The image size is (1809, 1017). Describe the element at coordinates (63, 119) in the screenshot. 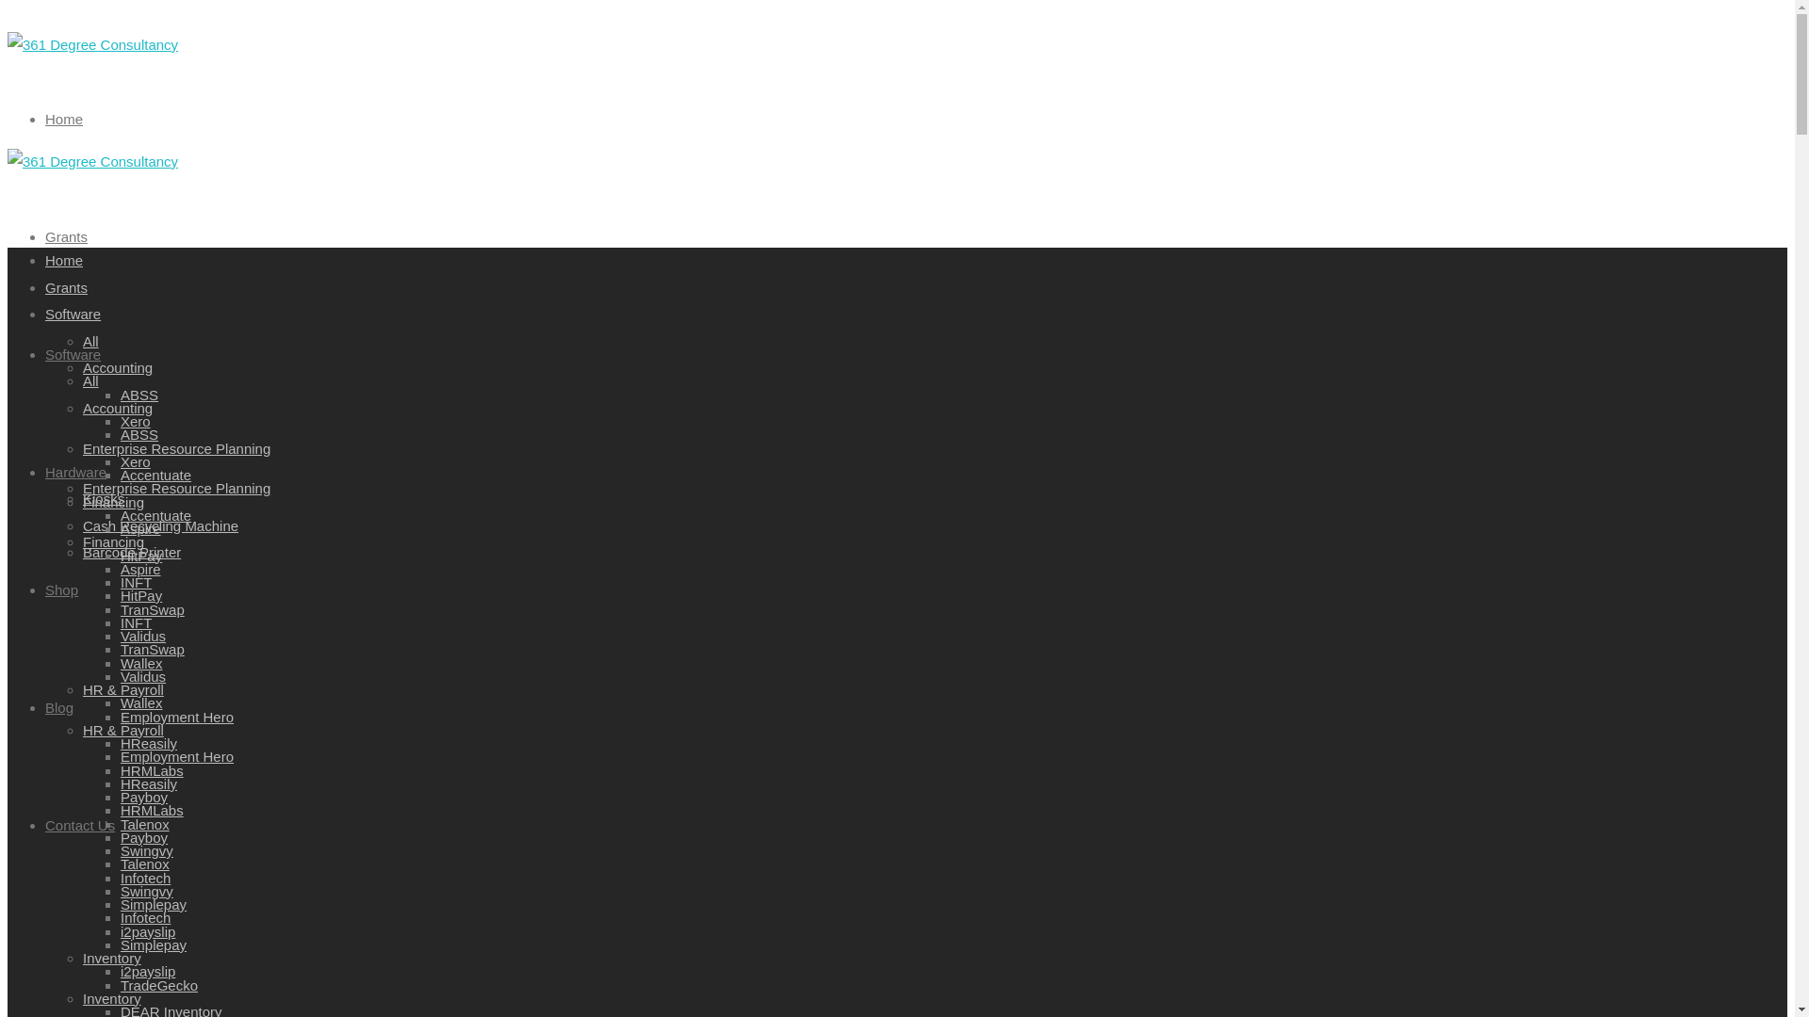

I see `'Home'` at that location.